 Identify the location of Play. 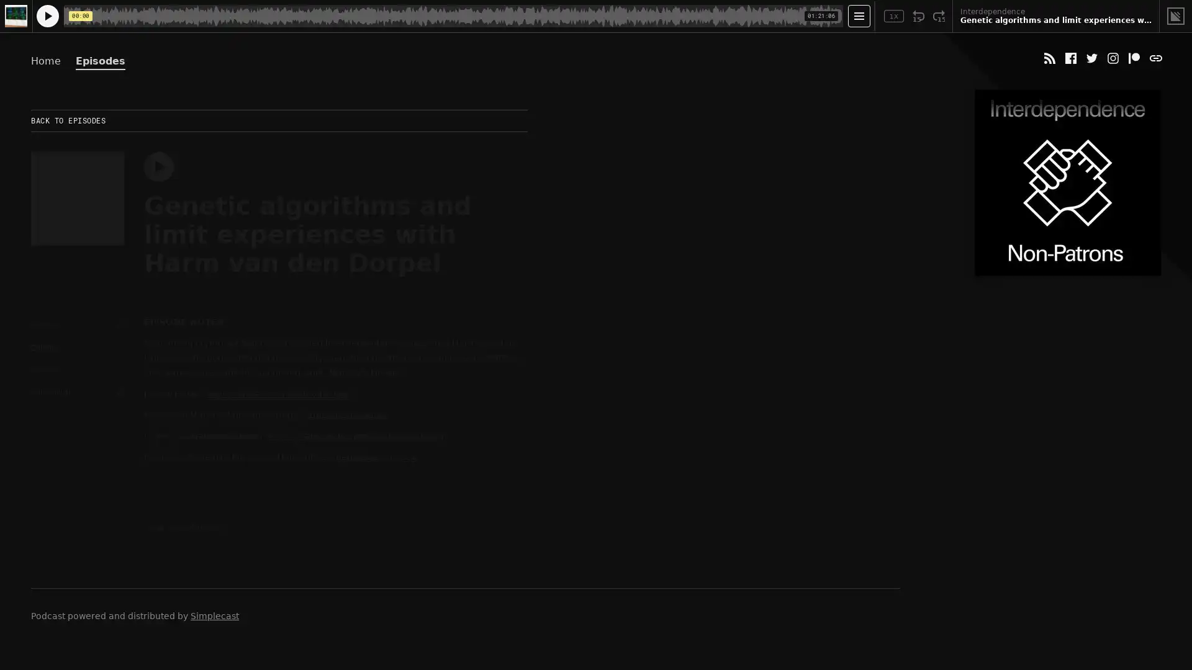
(158, 166).